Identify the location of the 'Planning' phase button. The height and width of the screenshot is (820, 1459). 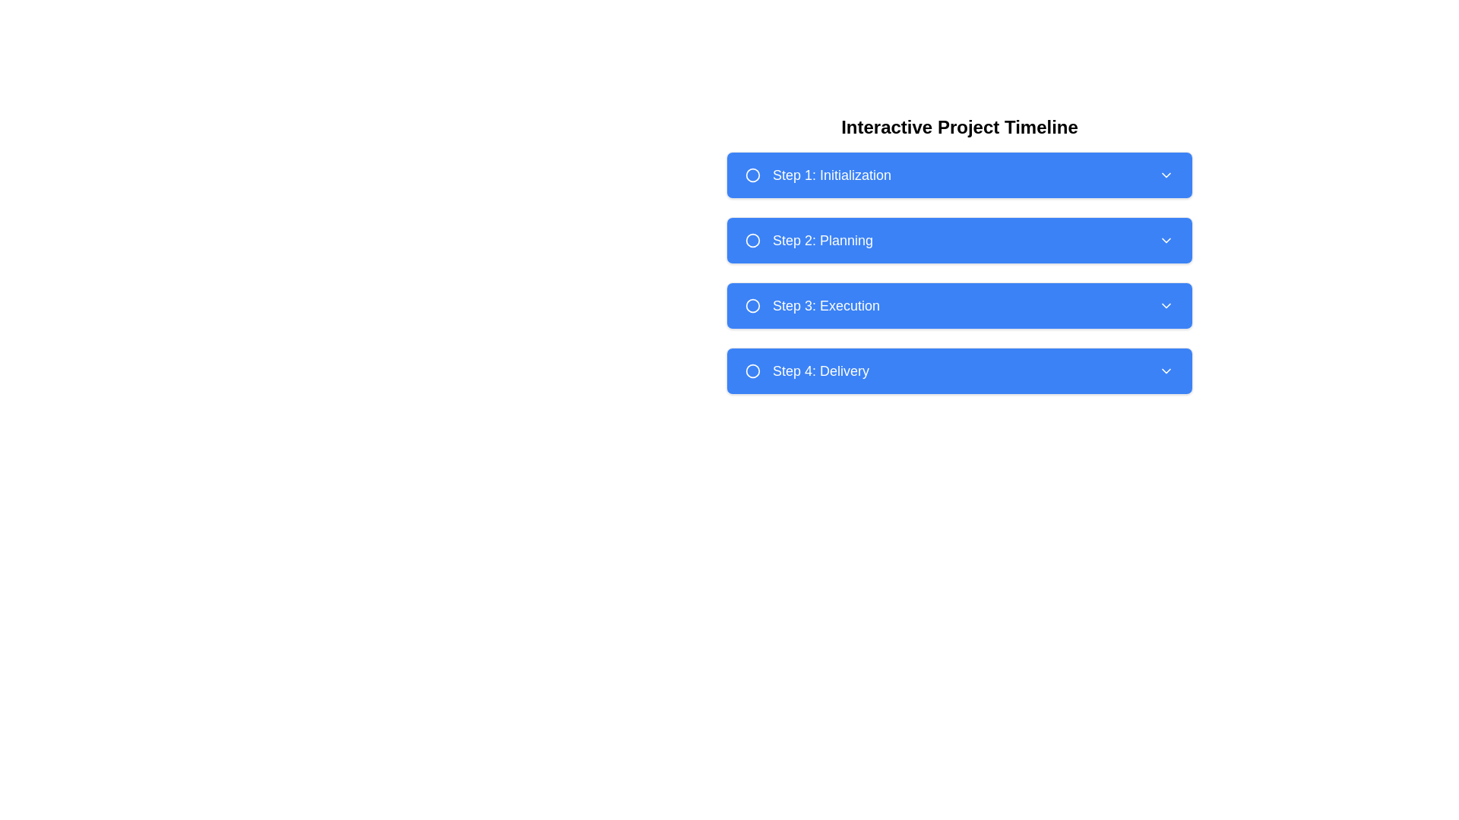
(958, 239).